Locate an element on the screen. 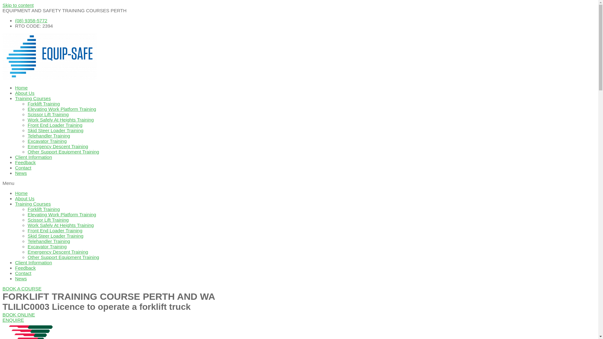  'Front End Loader Training' is located at coordinates (55, 125).